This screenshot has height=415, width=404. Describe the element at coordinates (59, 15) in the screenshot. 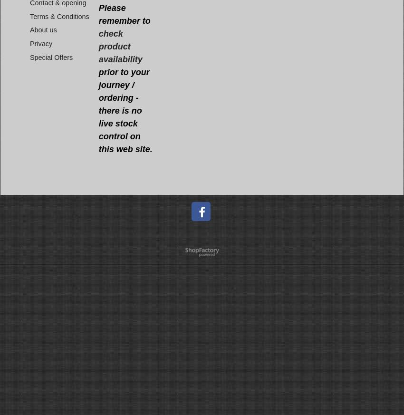

I see `'Terms & Conditions'` at that location.